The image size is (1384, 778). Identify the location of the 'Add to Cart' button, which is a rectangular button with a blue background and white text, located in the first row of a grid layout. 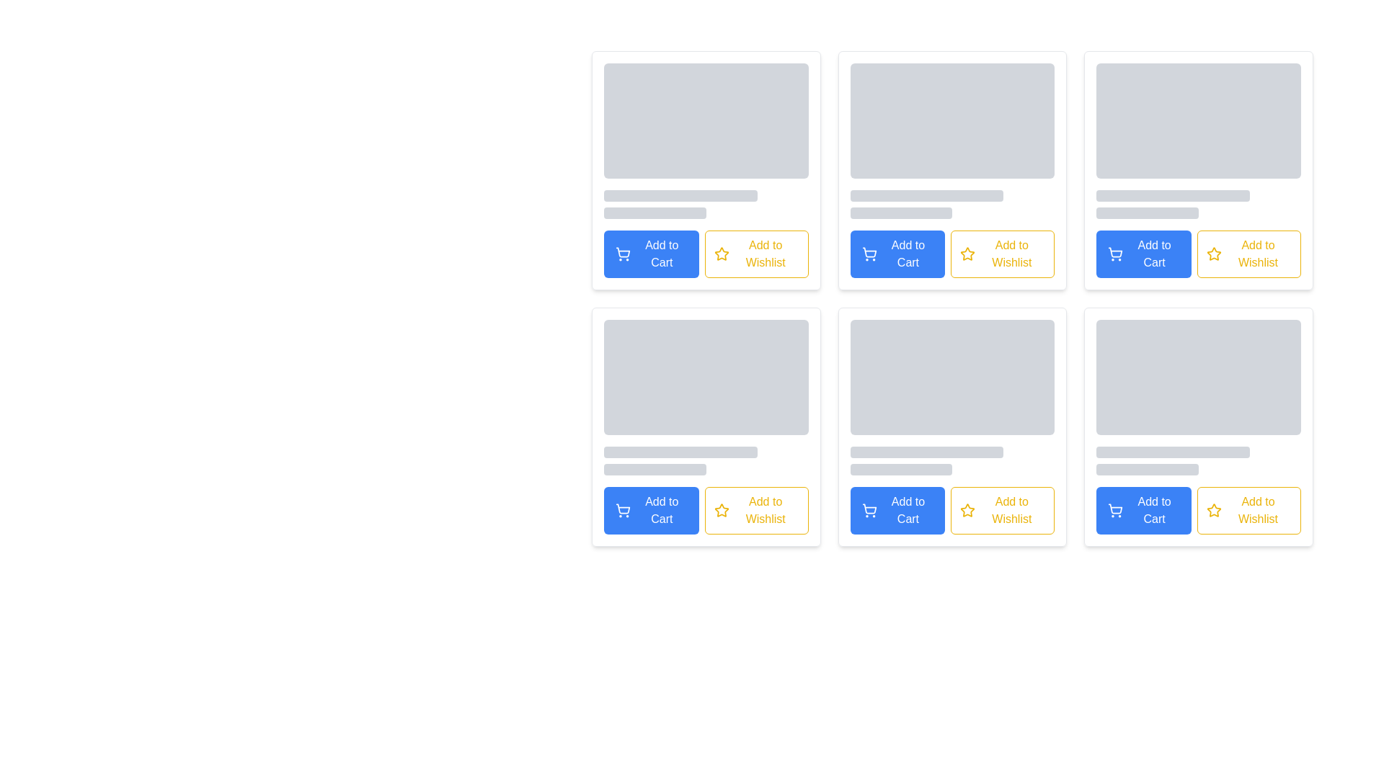
(897, 254).